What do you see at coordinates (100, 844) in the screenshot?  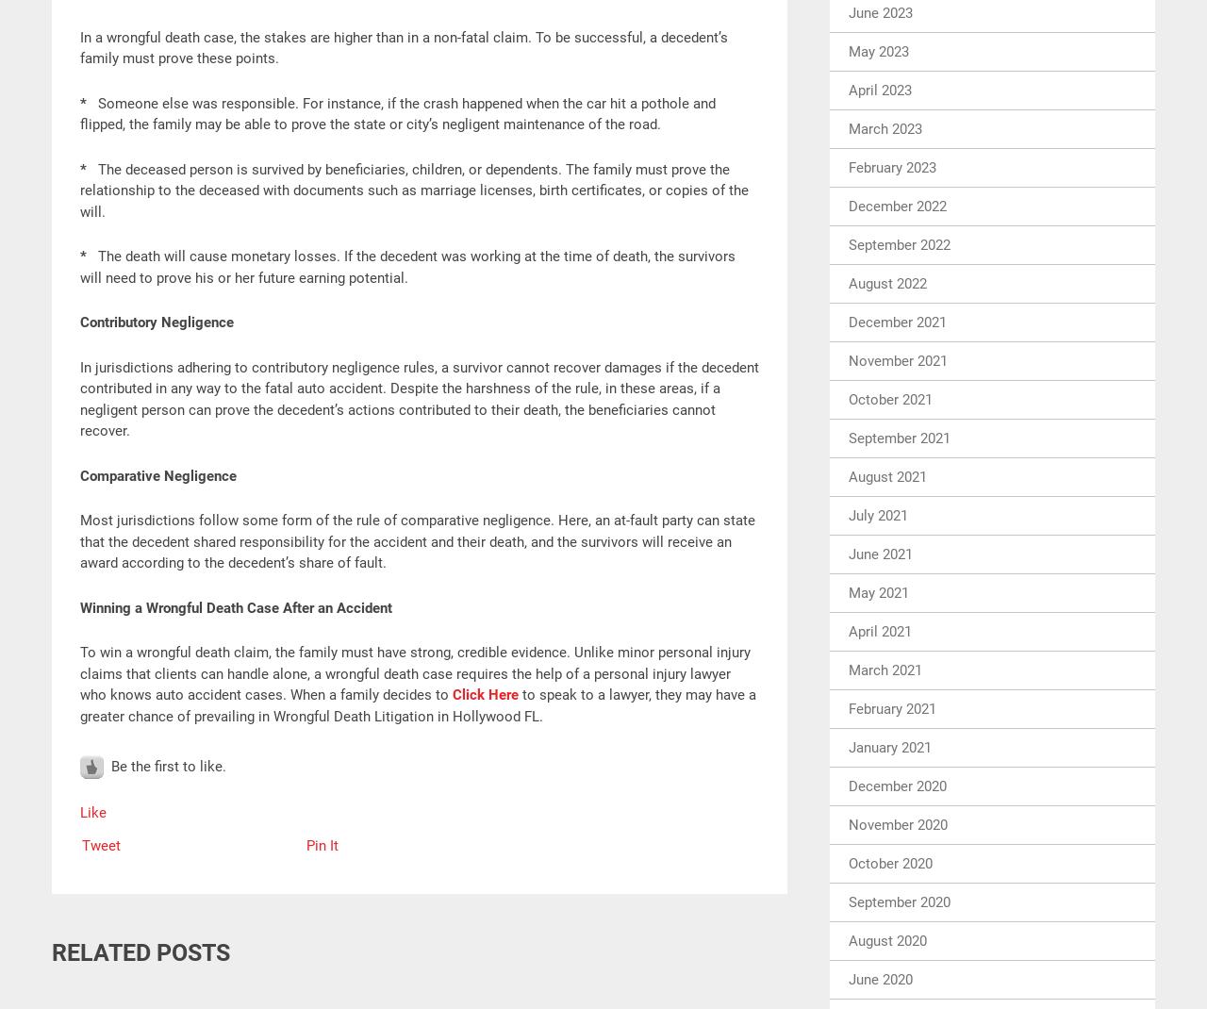 I see `'Tweet'` at bounding box center [100, 844].